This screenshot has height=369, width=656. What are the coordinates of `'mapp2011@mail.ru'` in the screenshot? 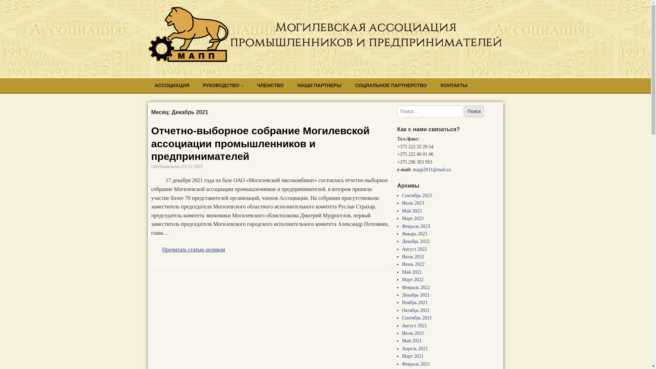 It's located at (412, 169).